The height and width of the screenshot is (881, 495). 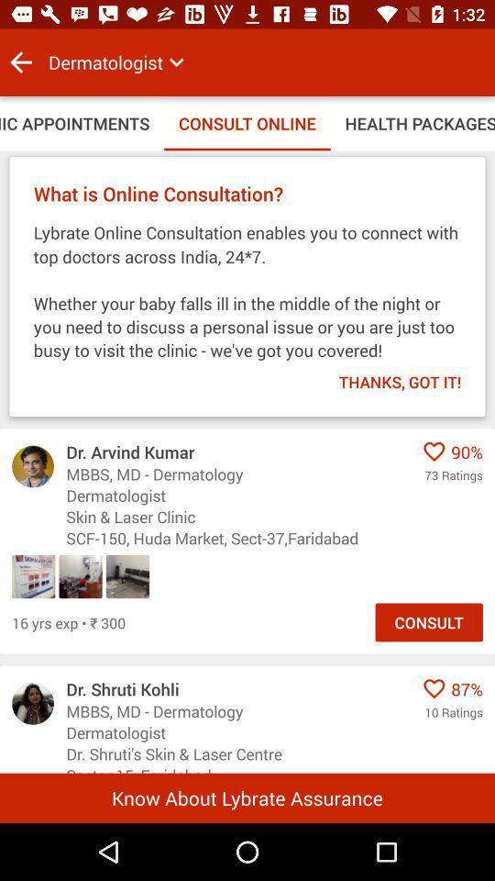 What do you see at coordinates (387, 375) in the screenshot?
I see `the item below lybrate online consultation item` at bounding box center [387, 375].